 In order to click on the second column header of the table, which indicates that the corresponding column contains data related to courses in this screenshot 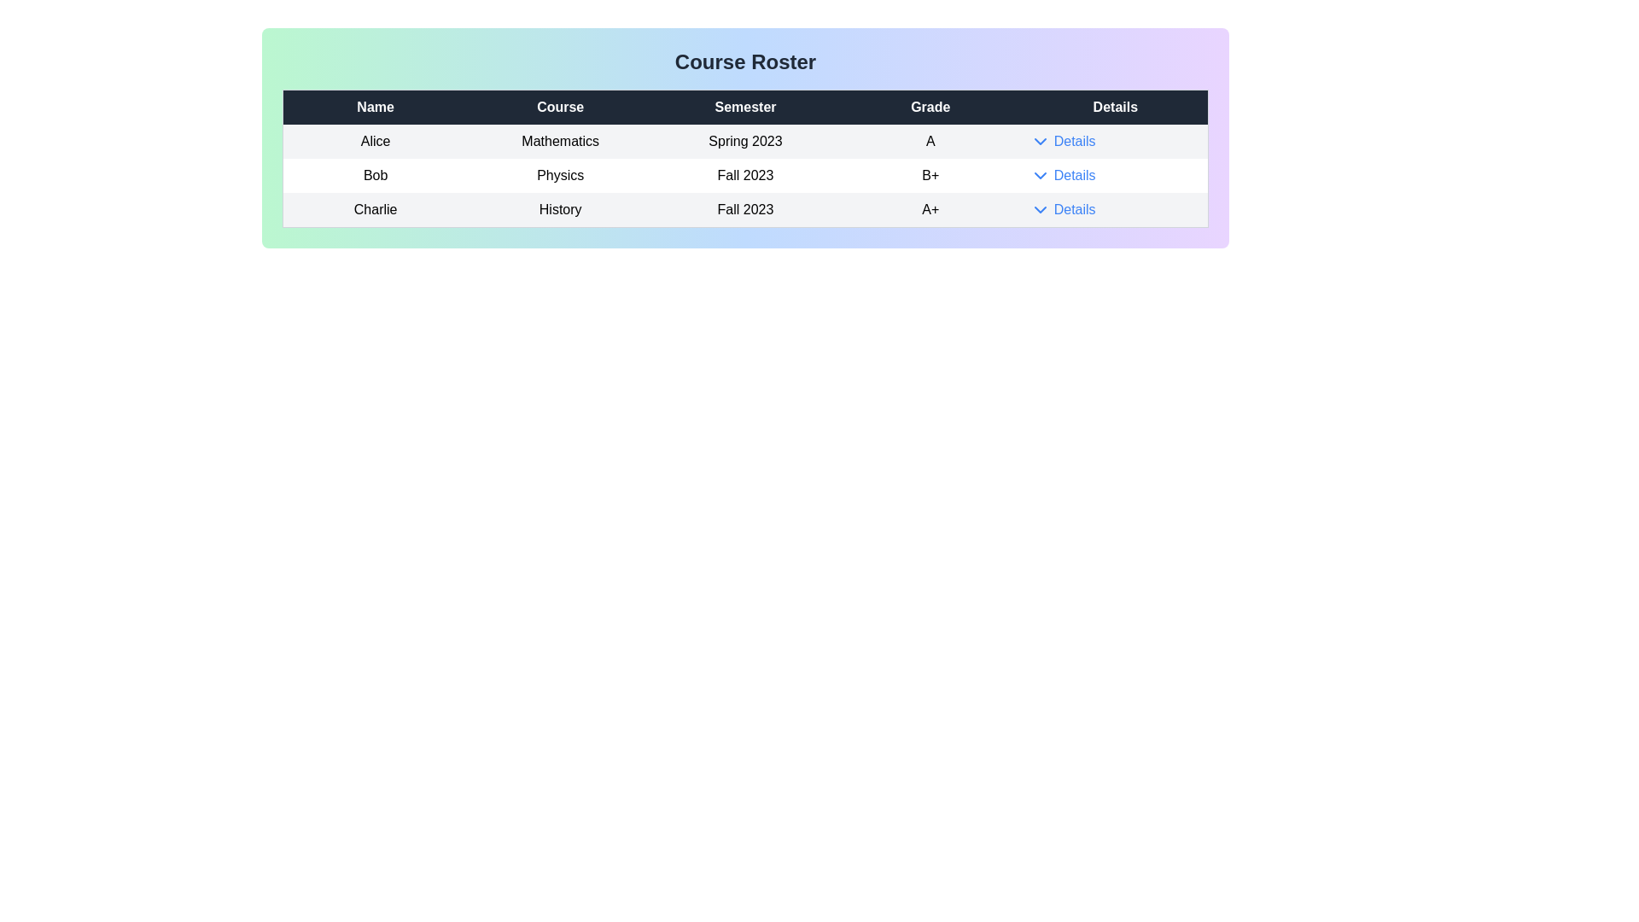, I will do `click(560, 107)`.